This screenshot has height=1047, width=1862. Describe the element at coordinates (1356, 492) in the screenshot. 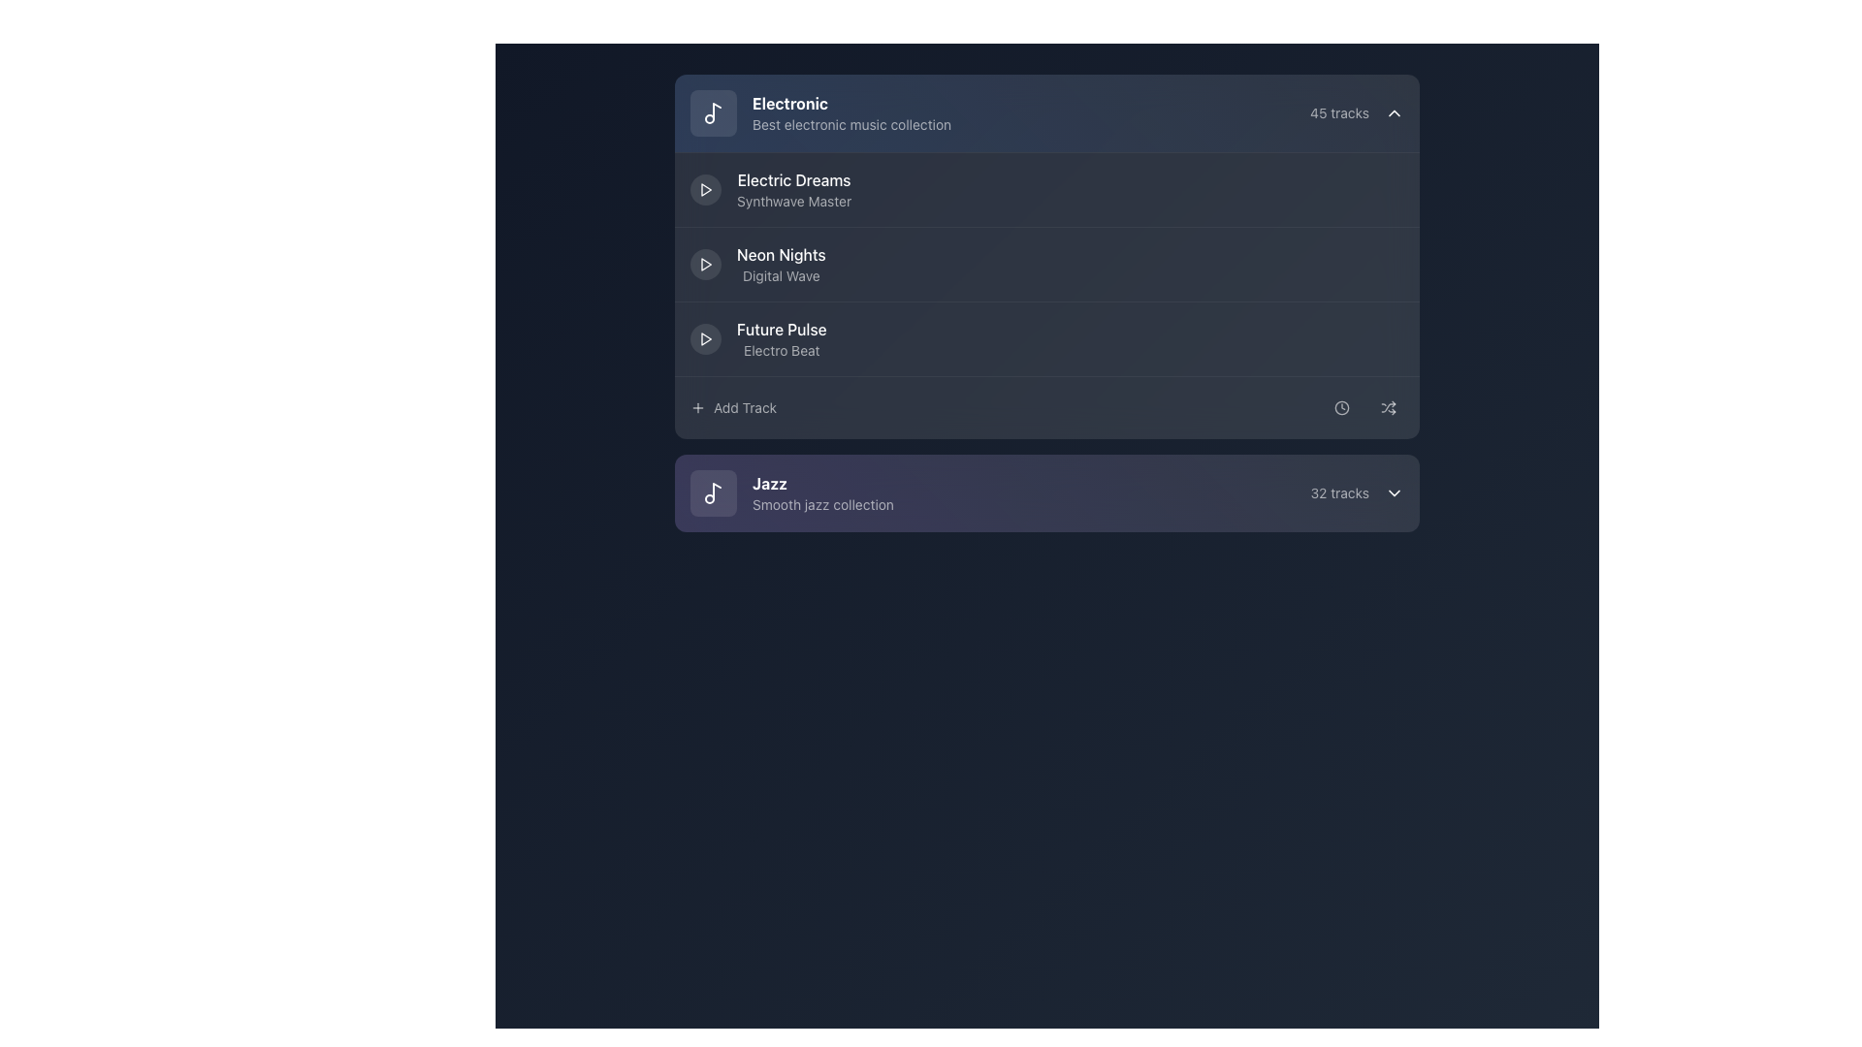

I see `the composite UI component that indicates the number of tracks available in the 'Jazz' collection, located to the right of the 'Jazz Smooth jazz collection' title` at that location.